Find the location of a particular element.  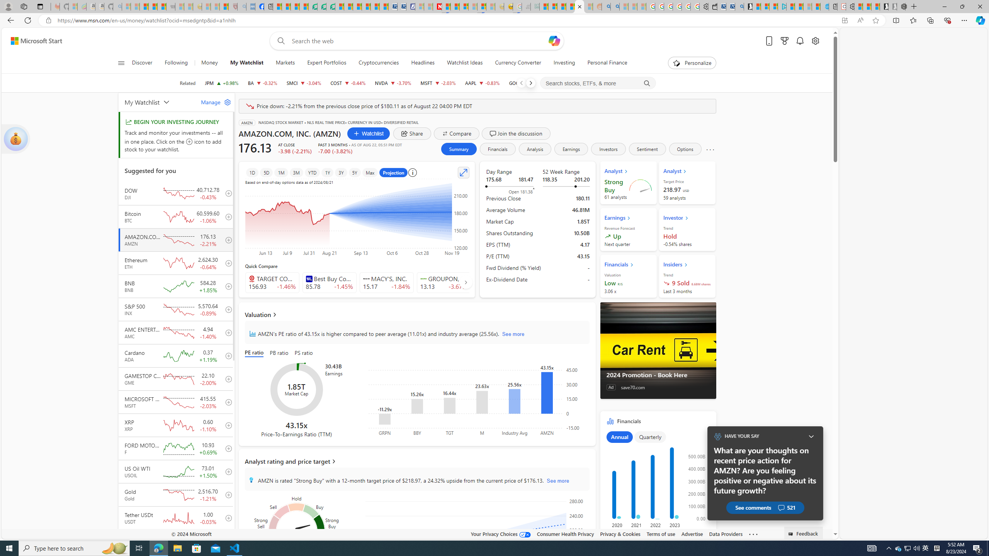

'Max' is located at coordinates (370, 173).